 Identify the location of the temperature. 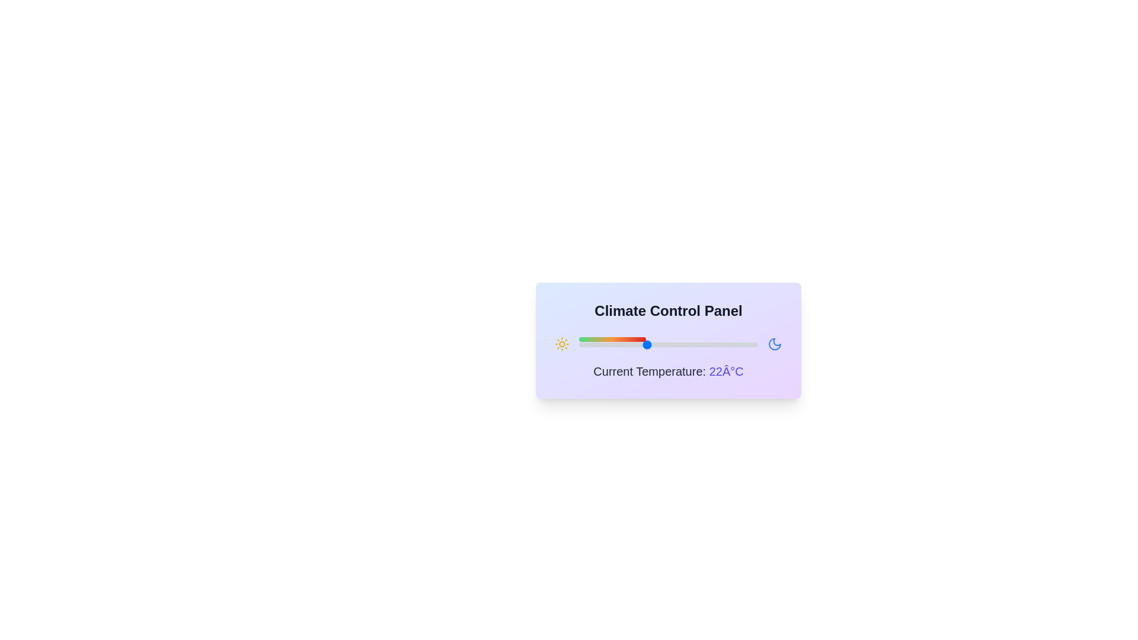
(691, 345).